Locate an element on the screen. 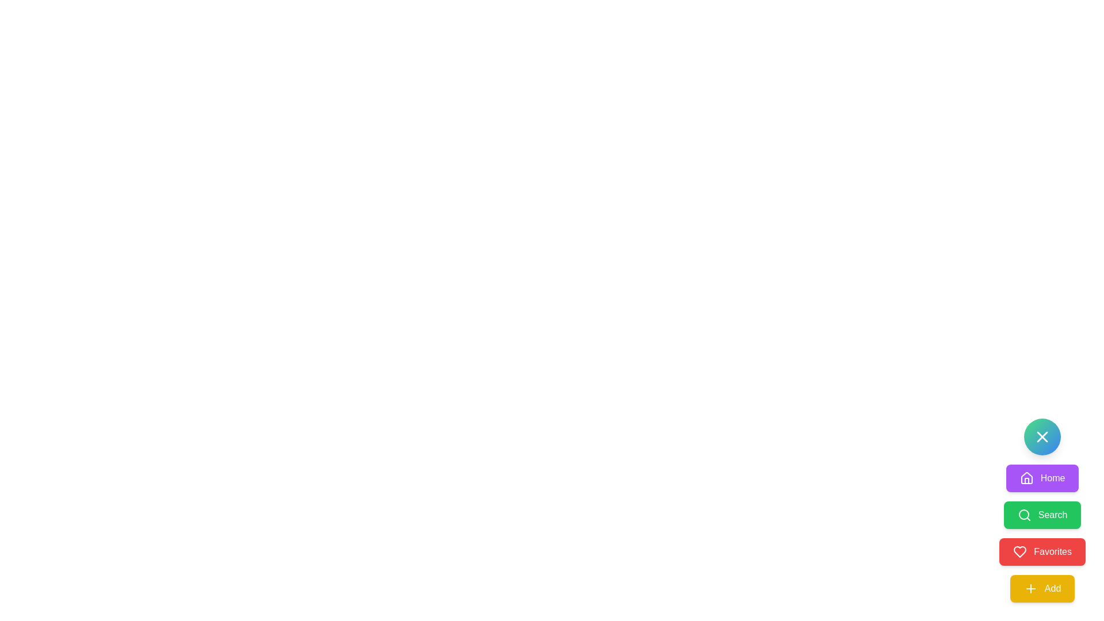 The image size is (1104, 621). the small X-shaped icon rendered in white over a gradient background is located at coordinates (1042, 436).